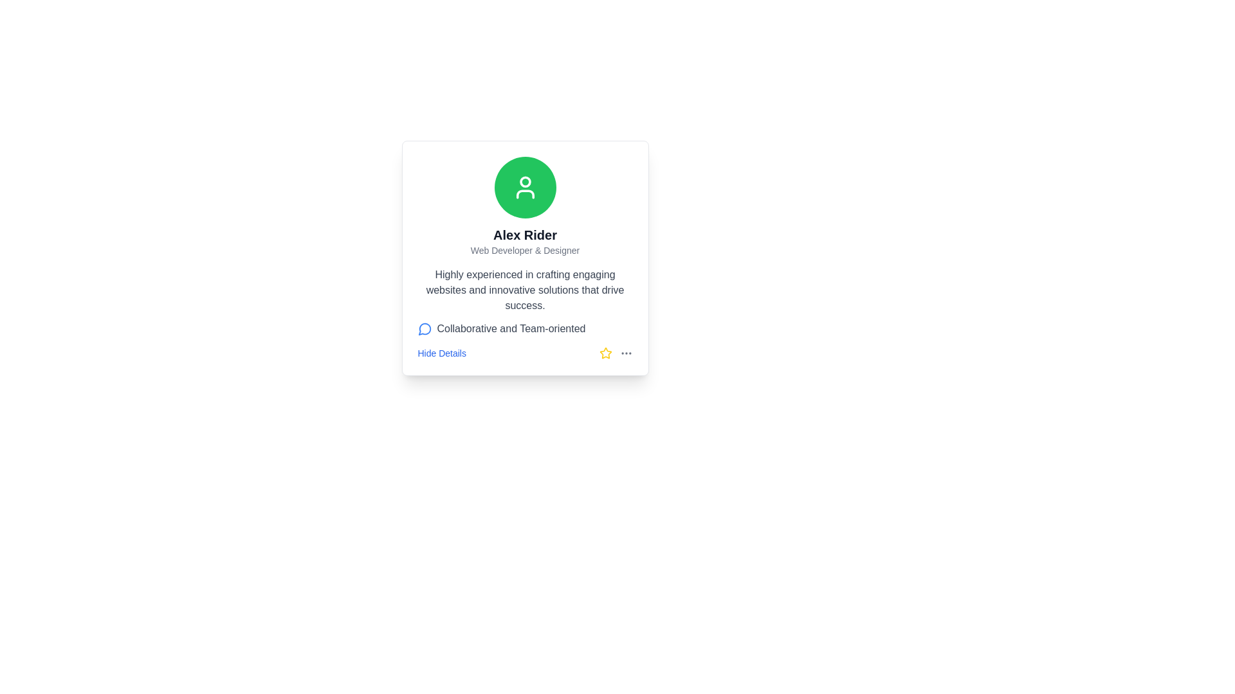 This screenshot has width=1235, height=694. Describe the element at coordinates (525, 302) in the screenshot. I see `the text content element that provides additional information about the profile's professional skills and teamwork abilities, located within a bordered card below the profile name 'Alex Rider' and above the 'Hide Details' link` at that location.